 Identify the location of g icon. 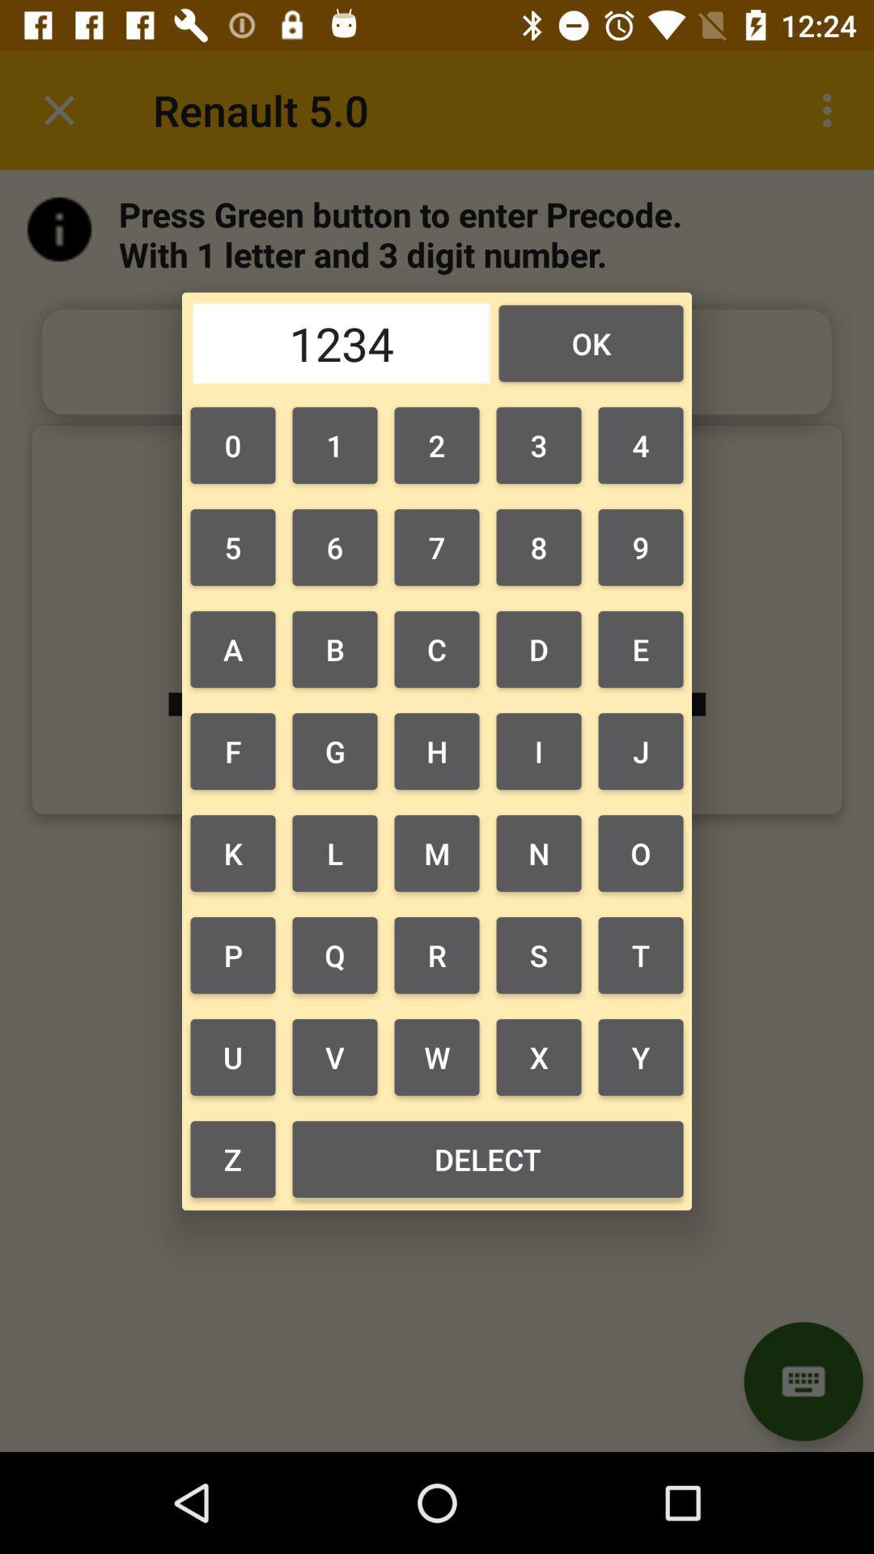
(333, 750).